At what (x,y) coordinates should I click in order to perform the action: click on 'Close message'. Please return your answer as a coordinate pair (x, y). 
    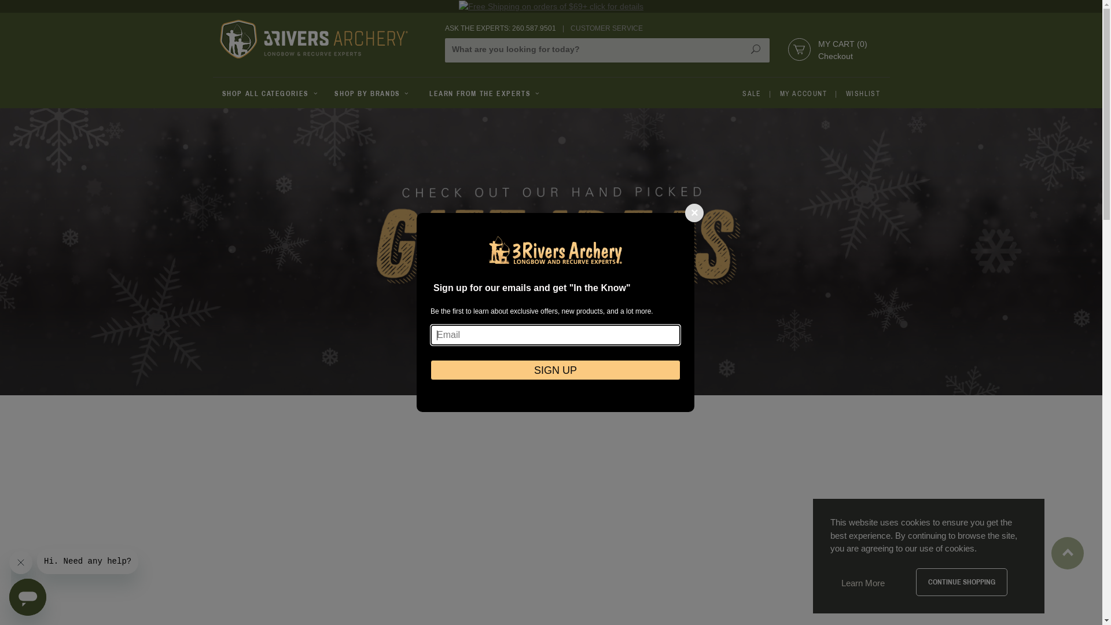
    Looking at the image, I should click on (20, 562).